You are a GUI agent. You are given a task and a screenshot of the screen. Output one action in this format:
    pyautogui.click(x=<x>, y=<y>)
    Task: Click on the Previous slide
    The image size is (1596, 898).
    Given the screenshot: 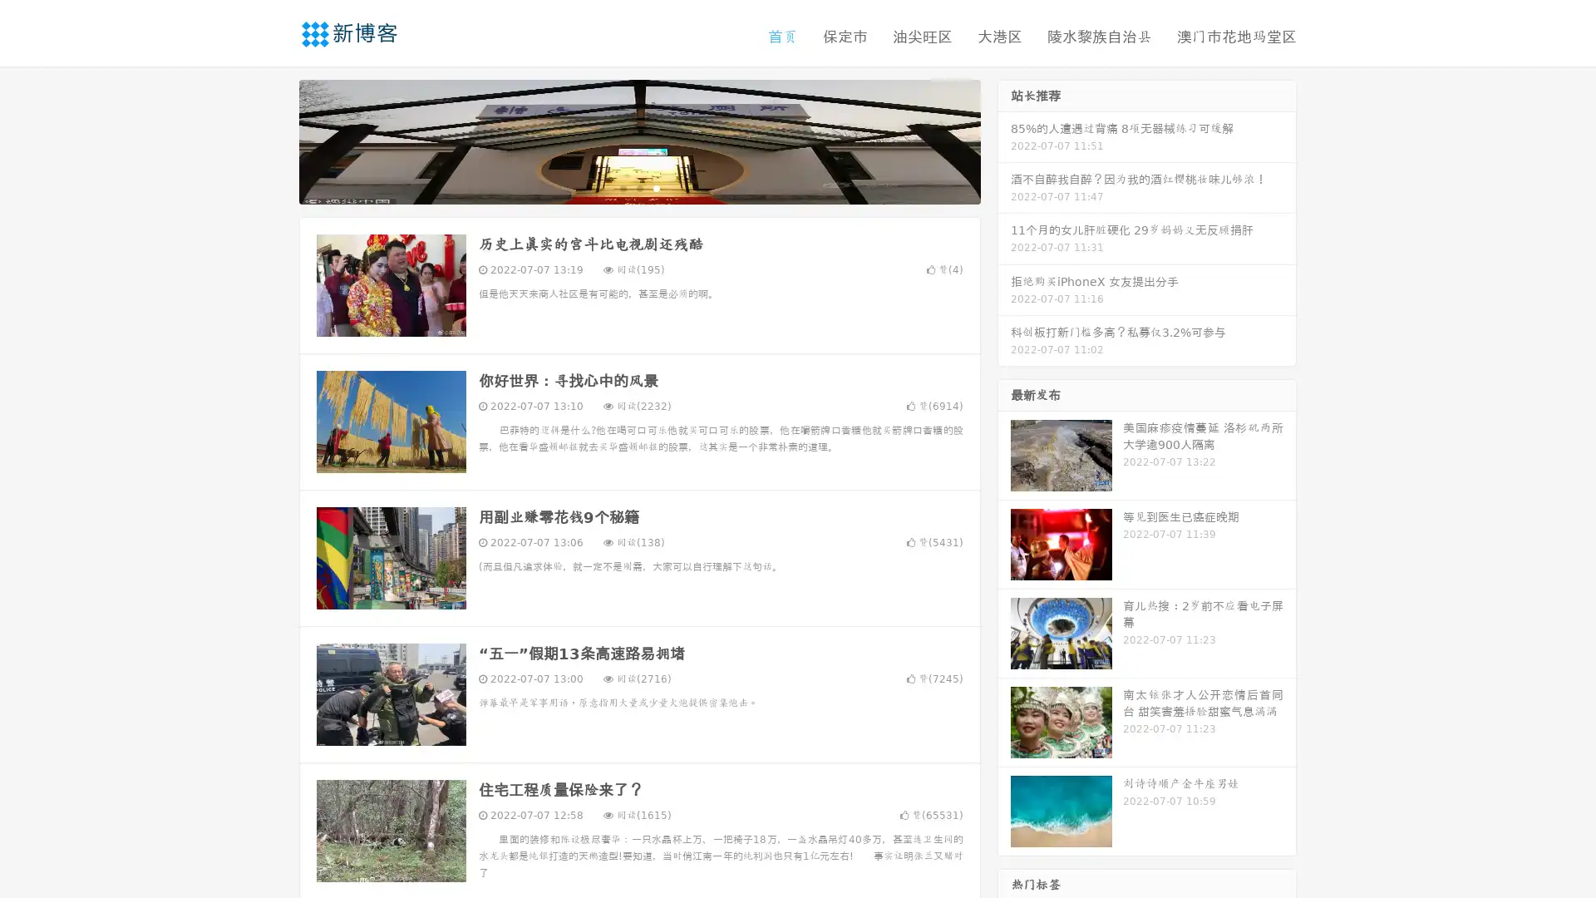 What is the action you would take?
    pyautogui.click(x=274, y=140)
    